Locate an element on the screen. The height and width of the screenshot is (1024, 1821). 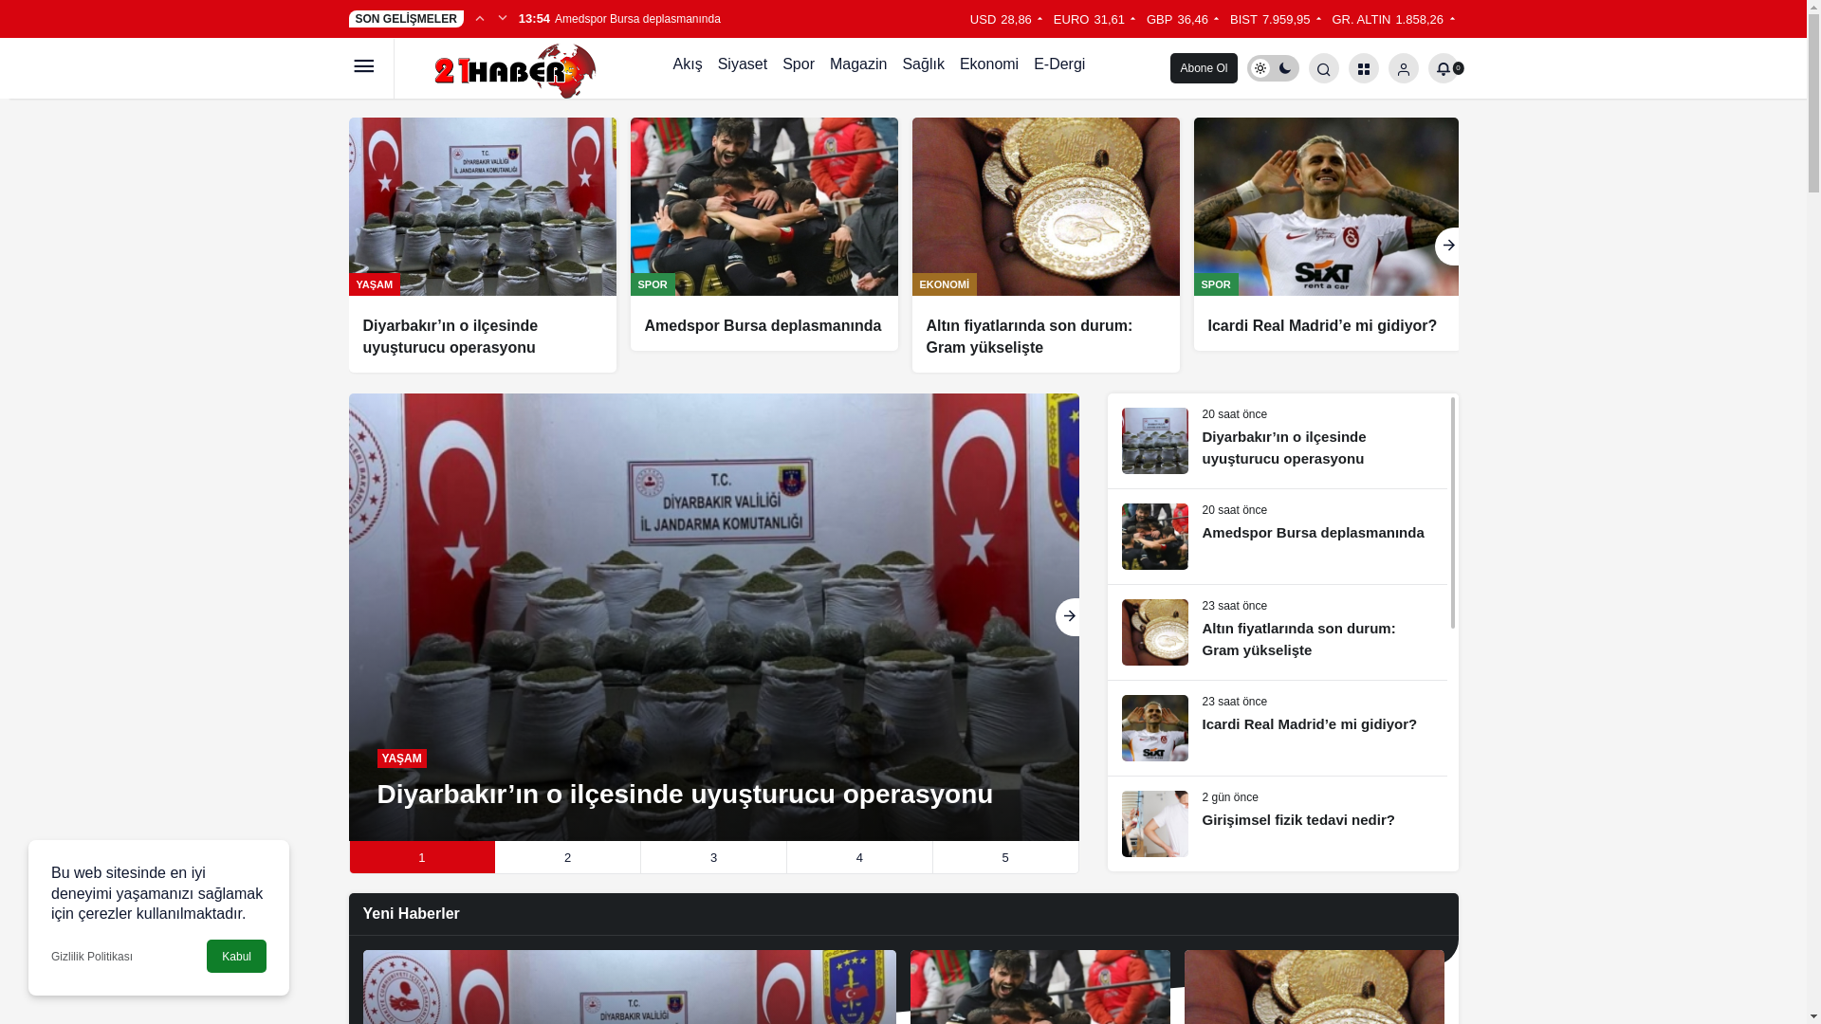
'3' is located at coordinates (712, 857).